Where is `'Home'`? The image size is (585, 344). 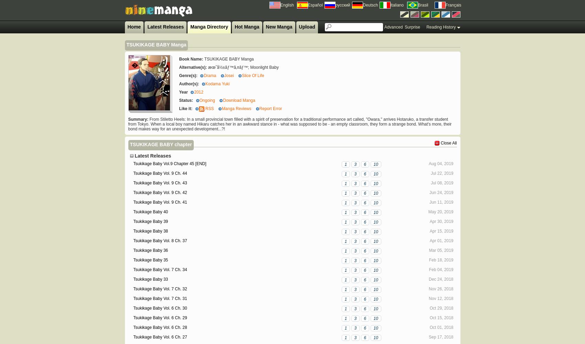 'Home' is located at coordinates (134, 26).